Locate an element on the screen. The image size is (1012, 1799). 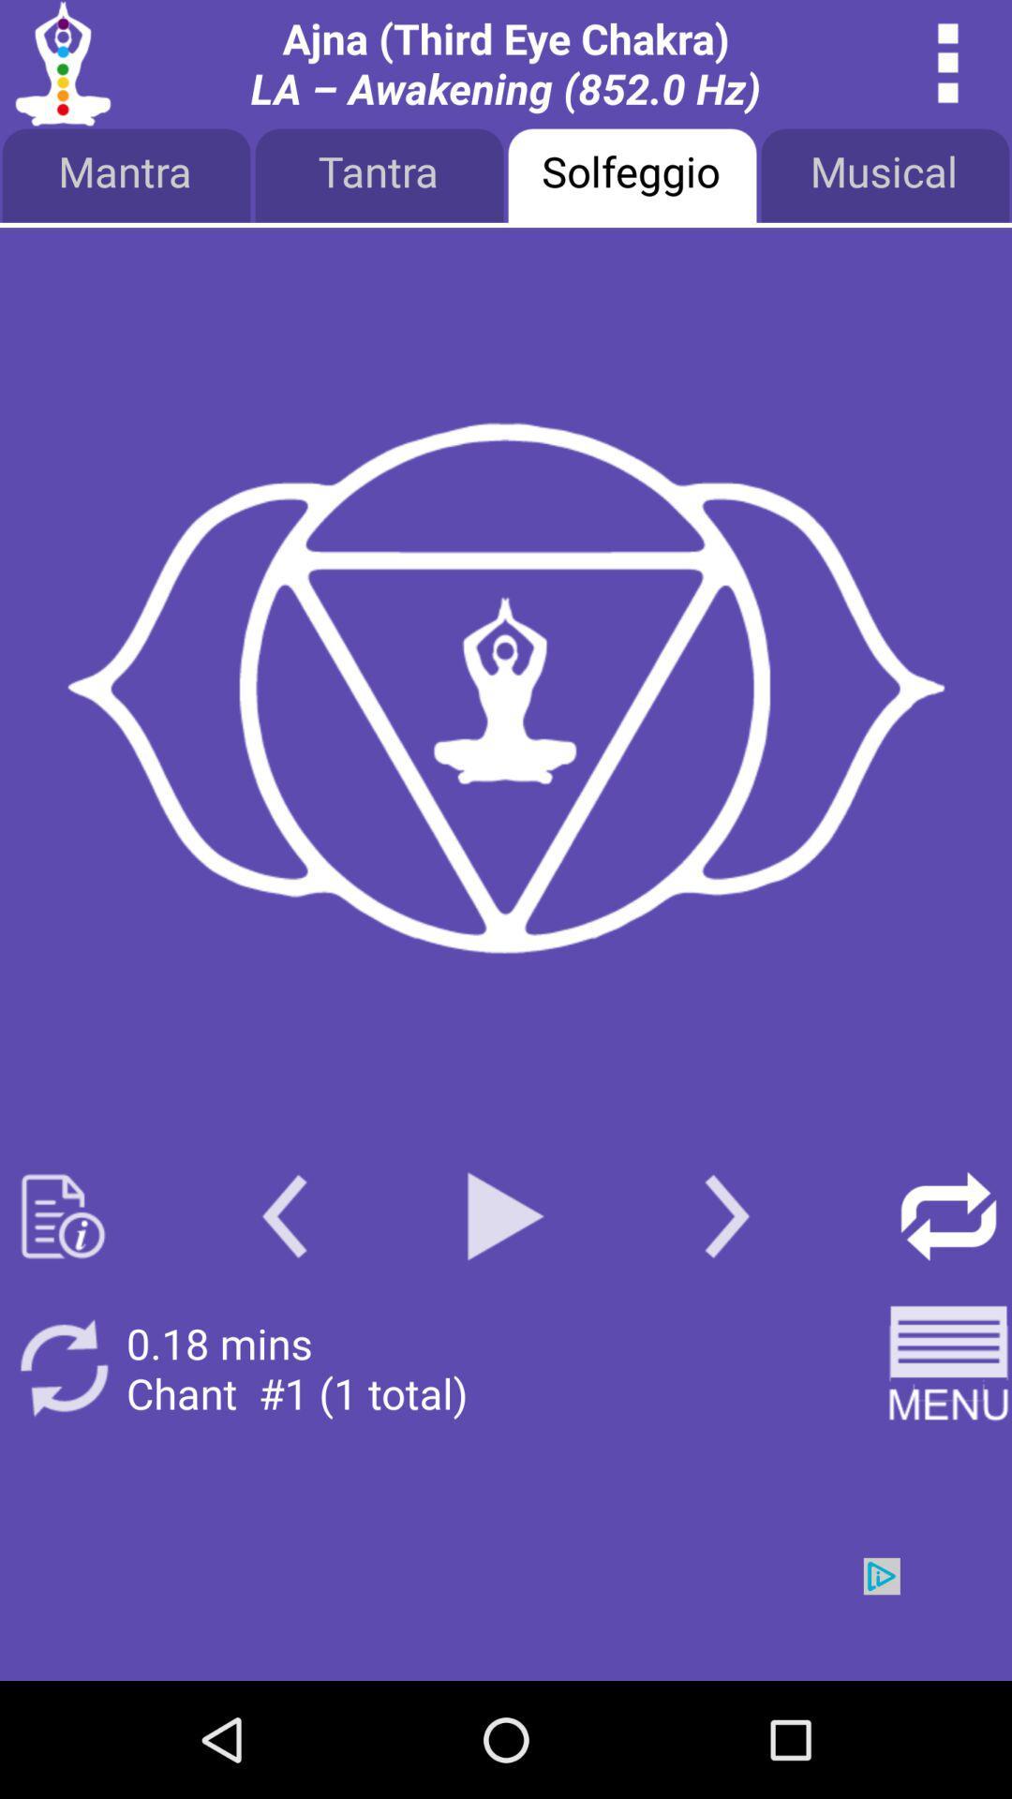
the play icon is located at coordinates (506, 1301).